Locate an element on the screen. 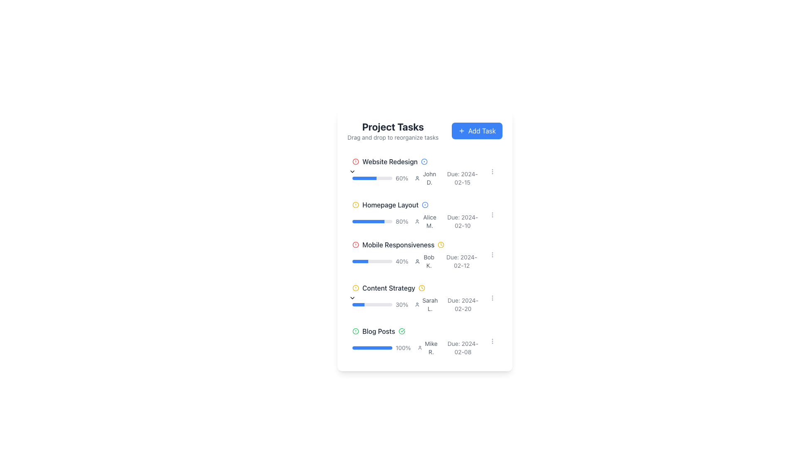 This screenshot has height=449, width=798. the Progress Indicator, which is a horizontal blue progress bar showing '100%' is located at coordinates (381, 348).